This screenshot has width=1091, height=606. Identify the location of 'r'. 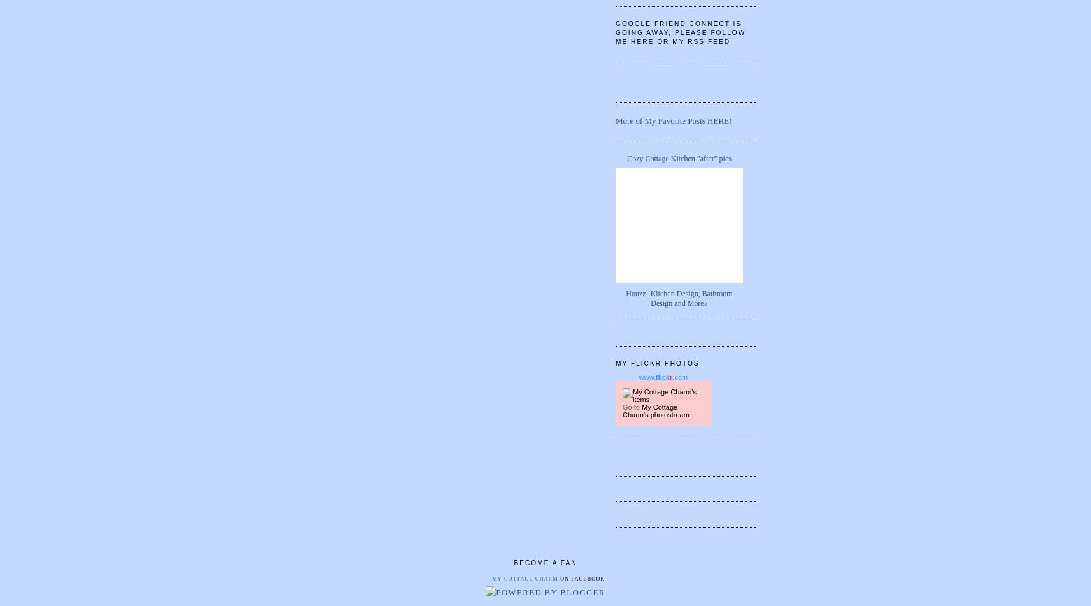
(670, 376).